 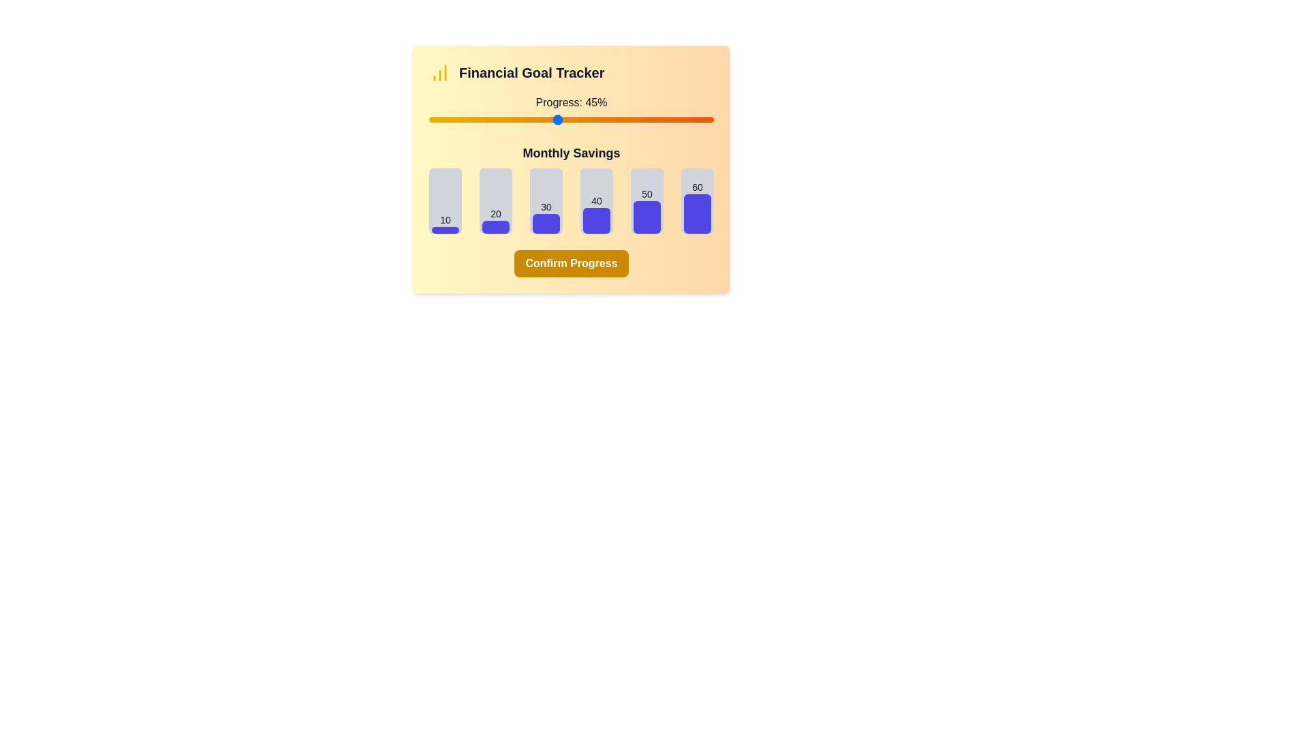 I want to click on the progress slider to 43%, so click(x=551, y=119).